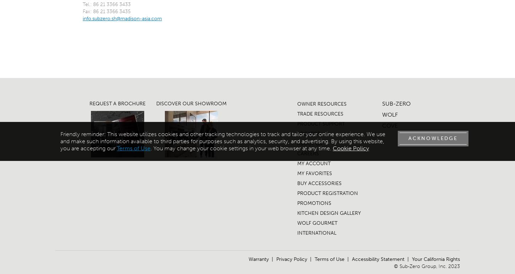  I want to click on '86 21 3366 3435', so click(112, 11).